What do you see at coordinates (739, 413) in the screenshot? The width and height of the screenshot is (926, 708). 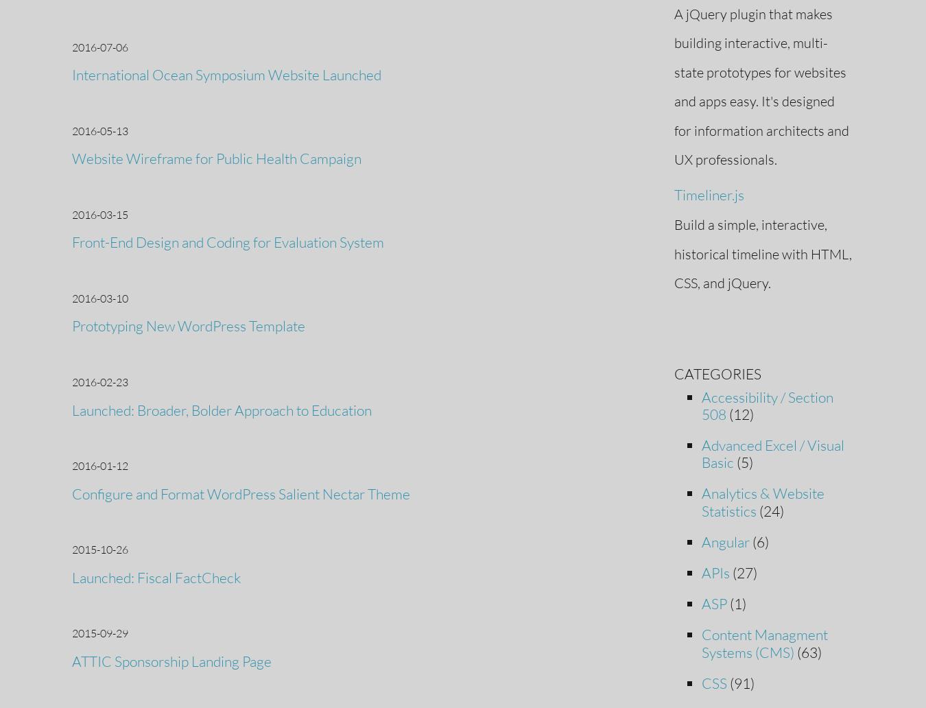 I see `'(12)'` at bounding box center [739, 413].